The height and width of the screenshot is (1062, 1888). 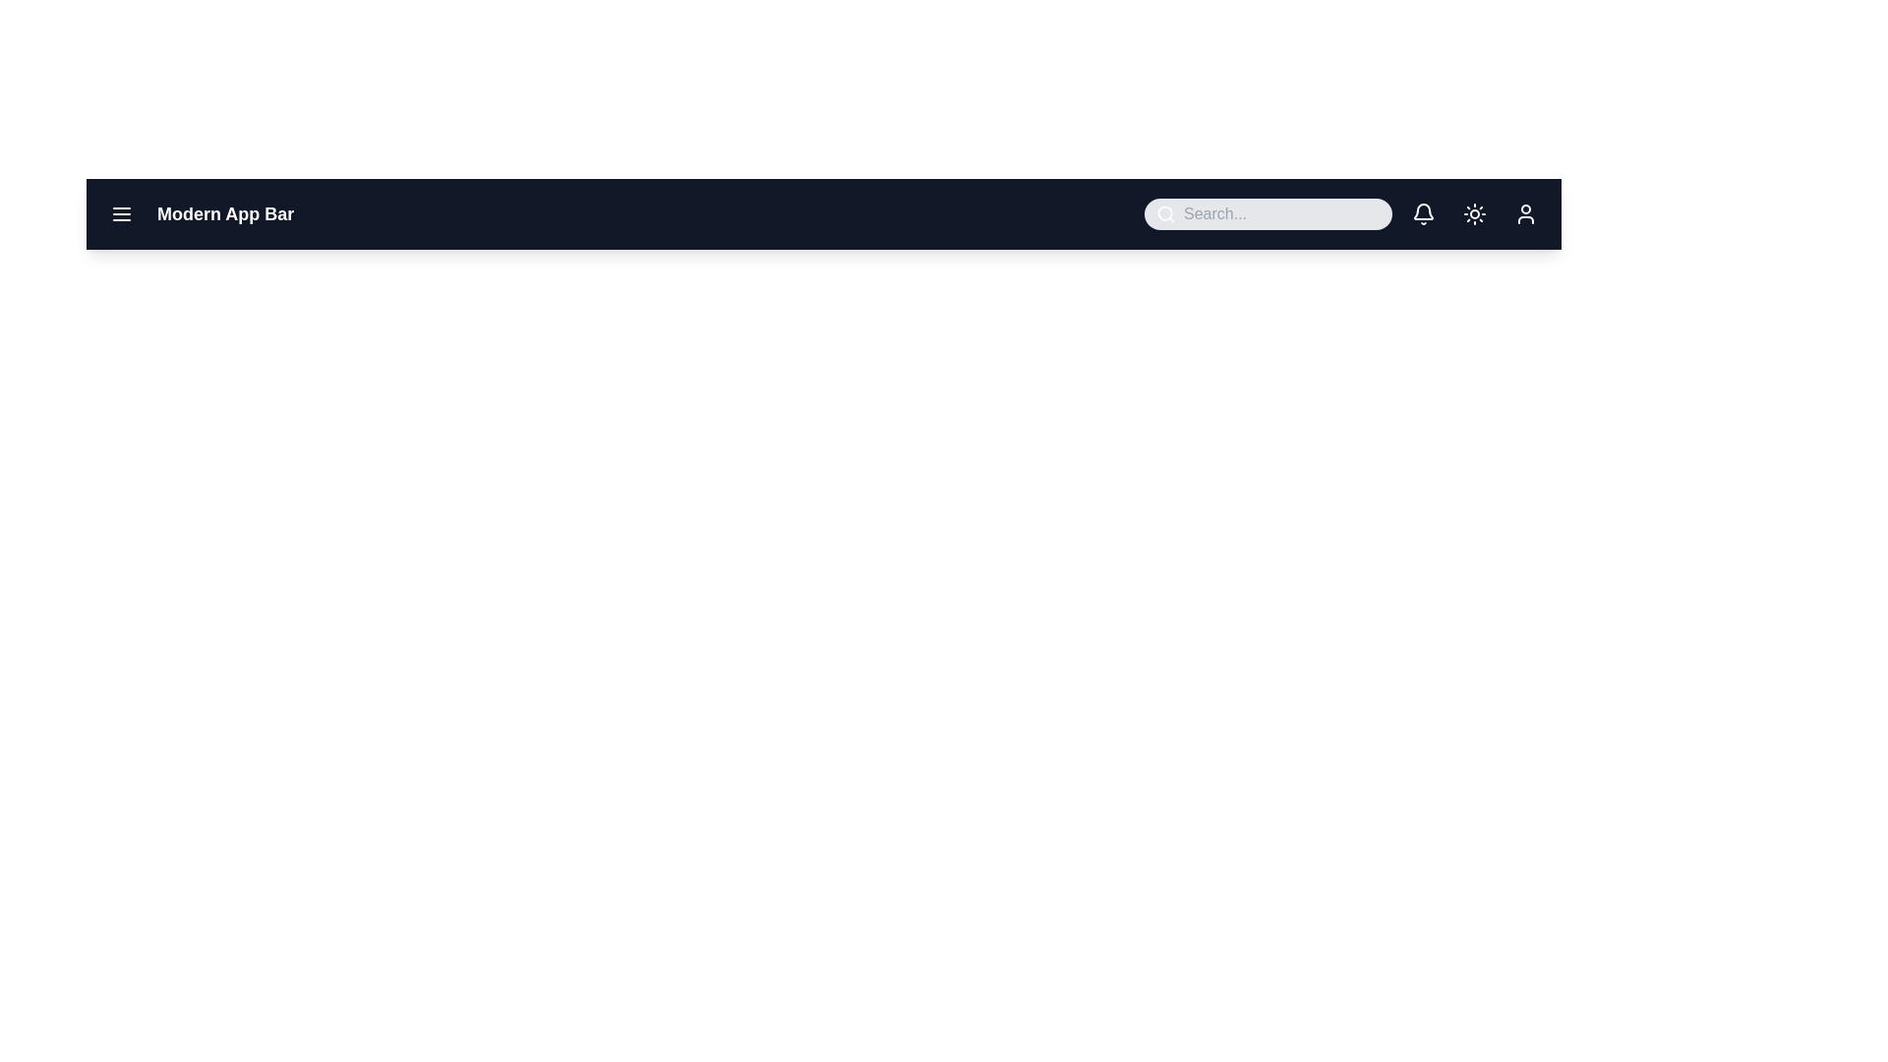 I want to click on the menu button to toggle the menu, so click(x=121, y=214).